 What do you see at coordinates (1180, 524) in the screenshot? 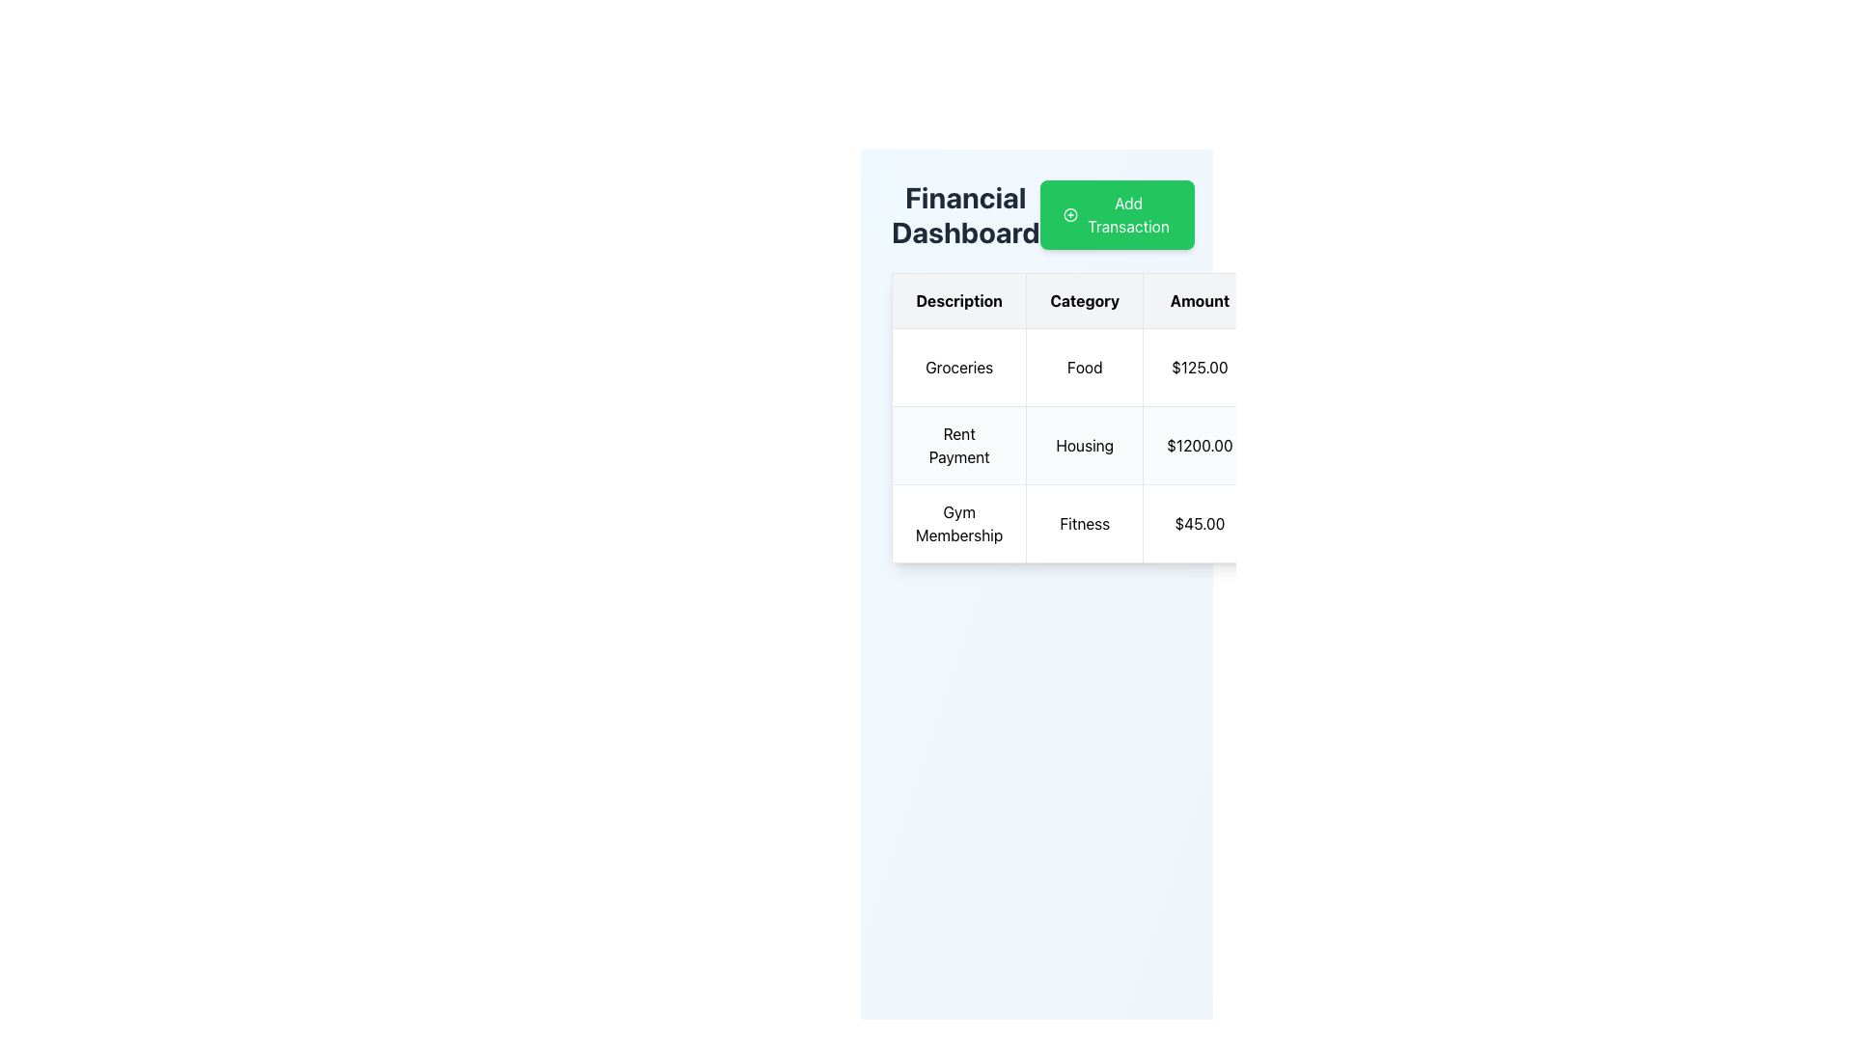
I see `the third row of the financial table that displays details about a gym membership expense` at bounding box center [1180, 524].